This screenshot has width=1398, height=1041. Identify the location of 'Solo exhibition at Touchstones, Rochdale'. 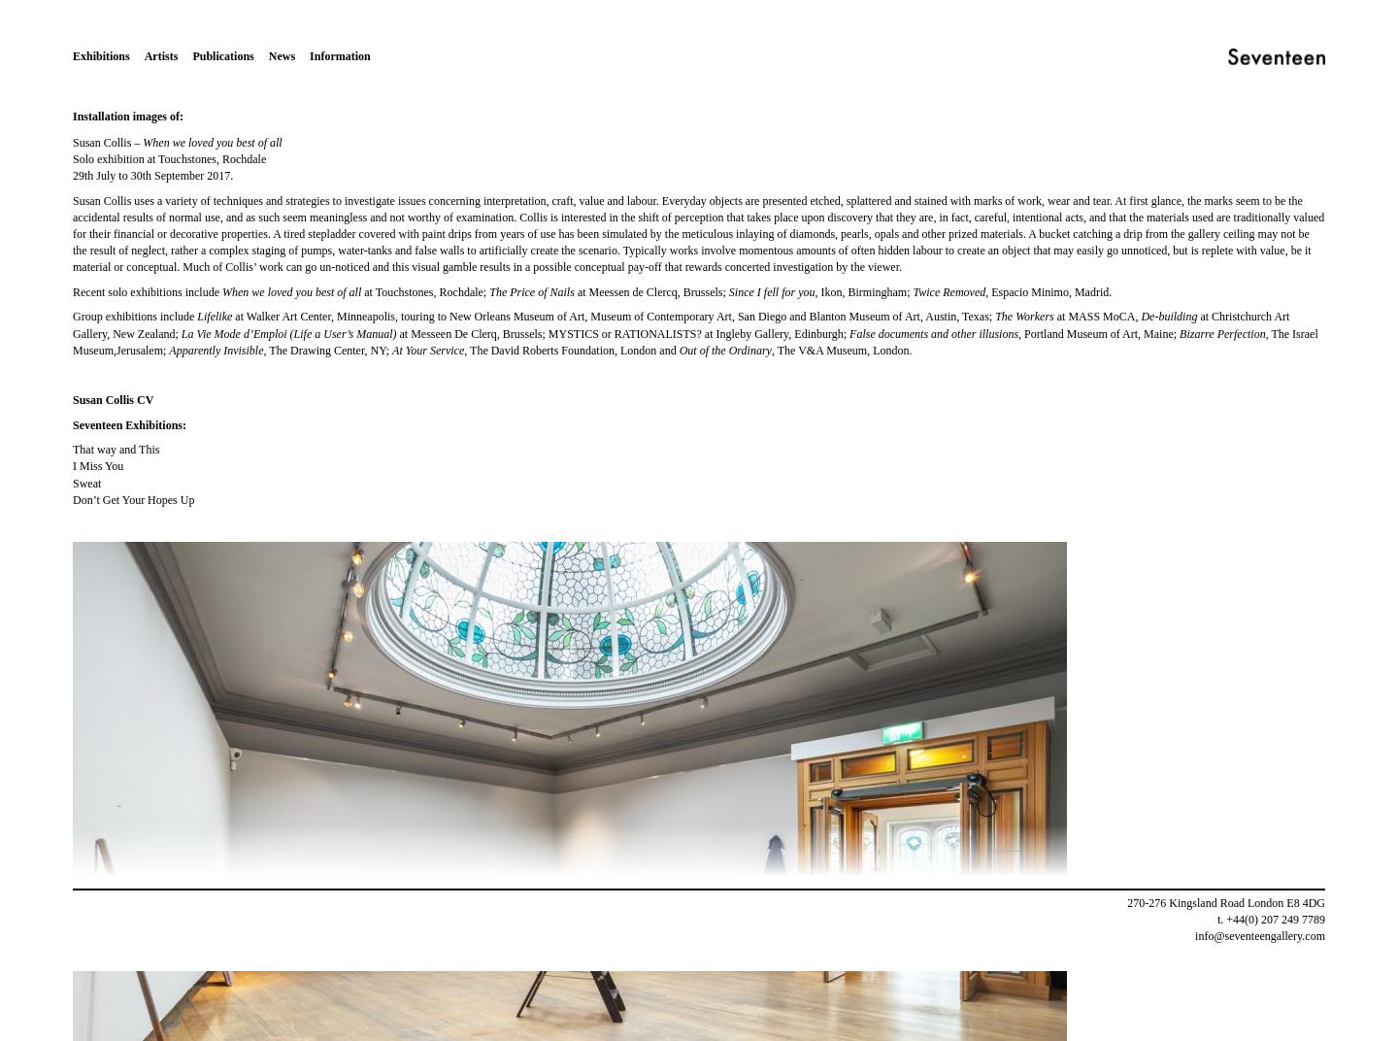
(168, 157).